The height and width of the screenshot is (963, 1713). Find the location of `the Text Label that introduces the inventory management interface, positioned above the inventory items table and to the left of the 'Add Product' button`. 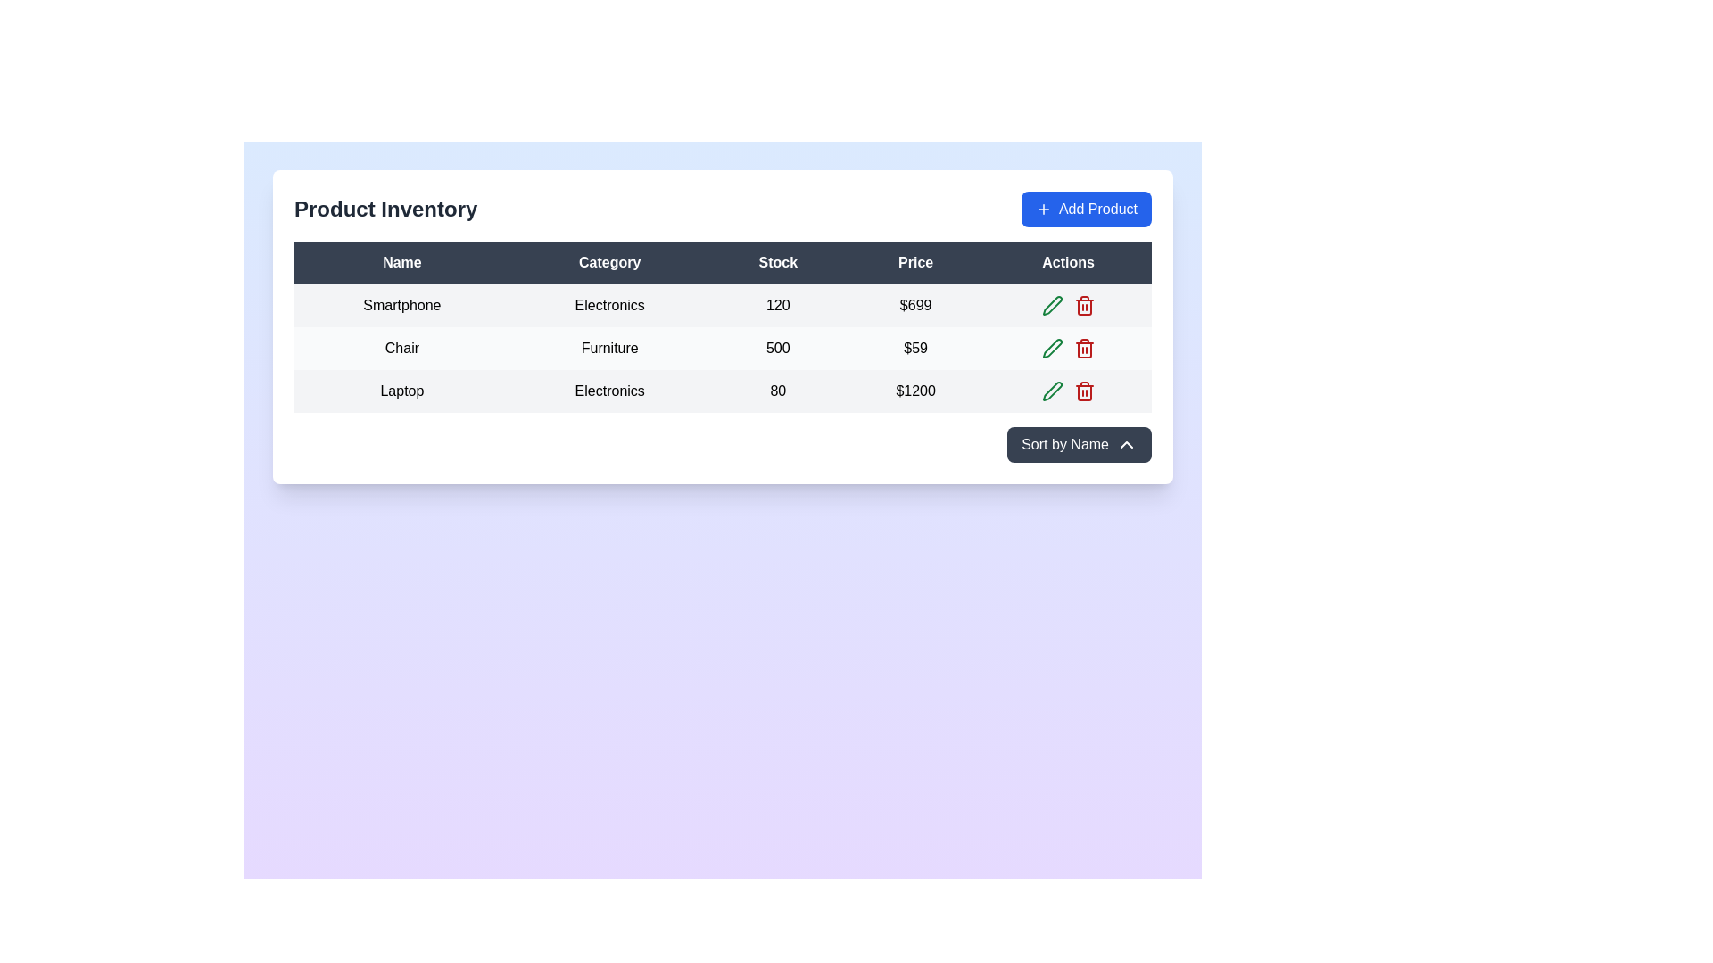

the Text Label that introduces the inventory management interface, positioned above the inventory items table and to the left of the 'Add Product' button is located at coordinates (385, 209).